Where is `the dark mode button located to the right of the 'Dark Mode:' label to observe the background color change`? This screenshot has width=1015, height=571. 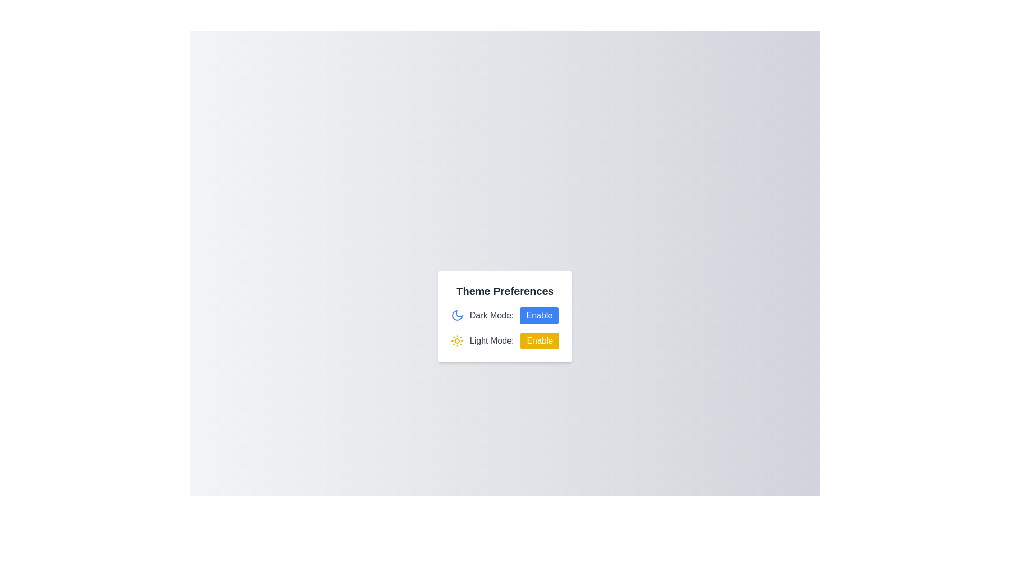
the dark mode button located to the right of the 'Dark Mode:' label to observe the background color change is located at coordinates (539, 315).